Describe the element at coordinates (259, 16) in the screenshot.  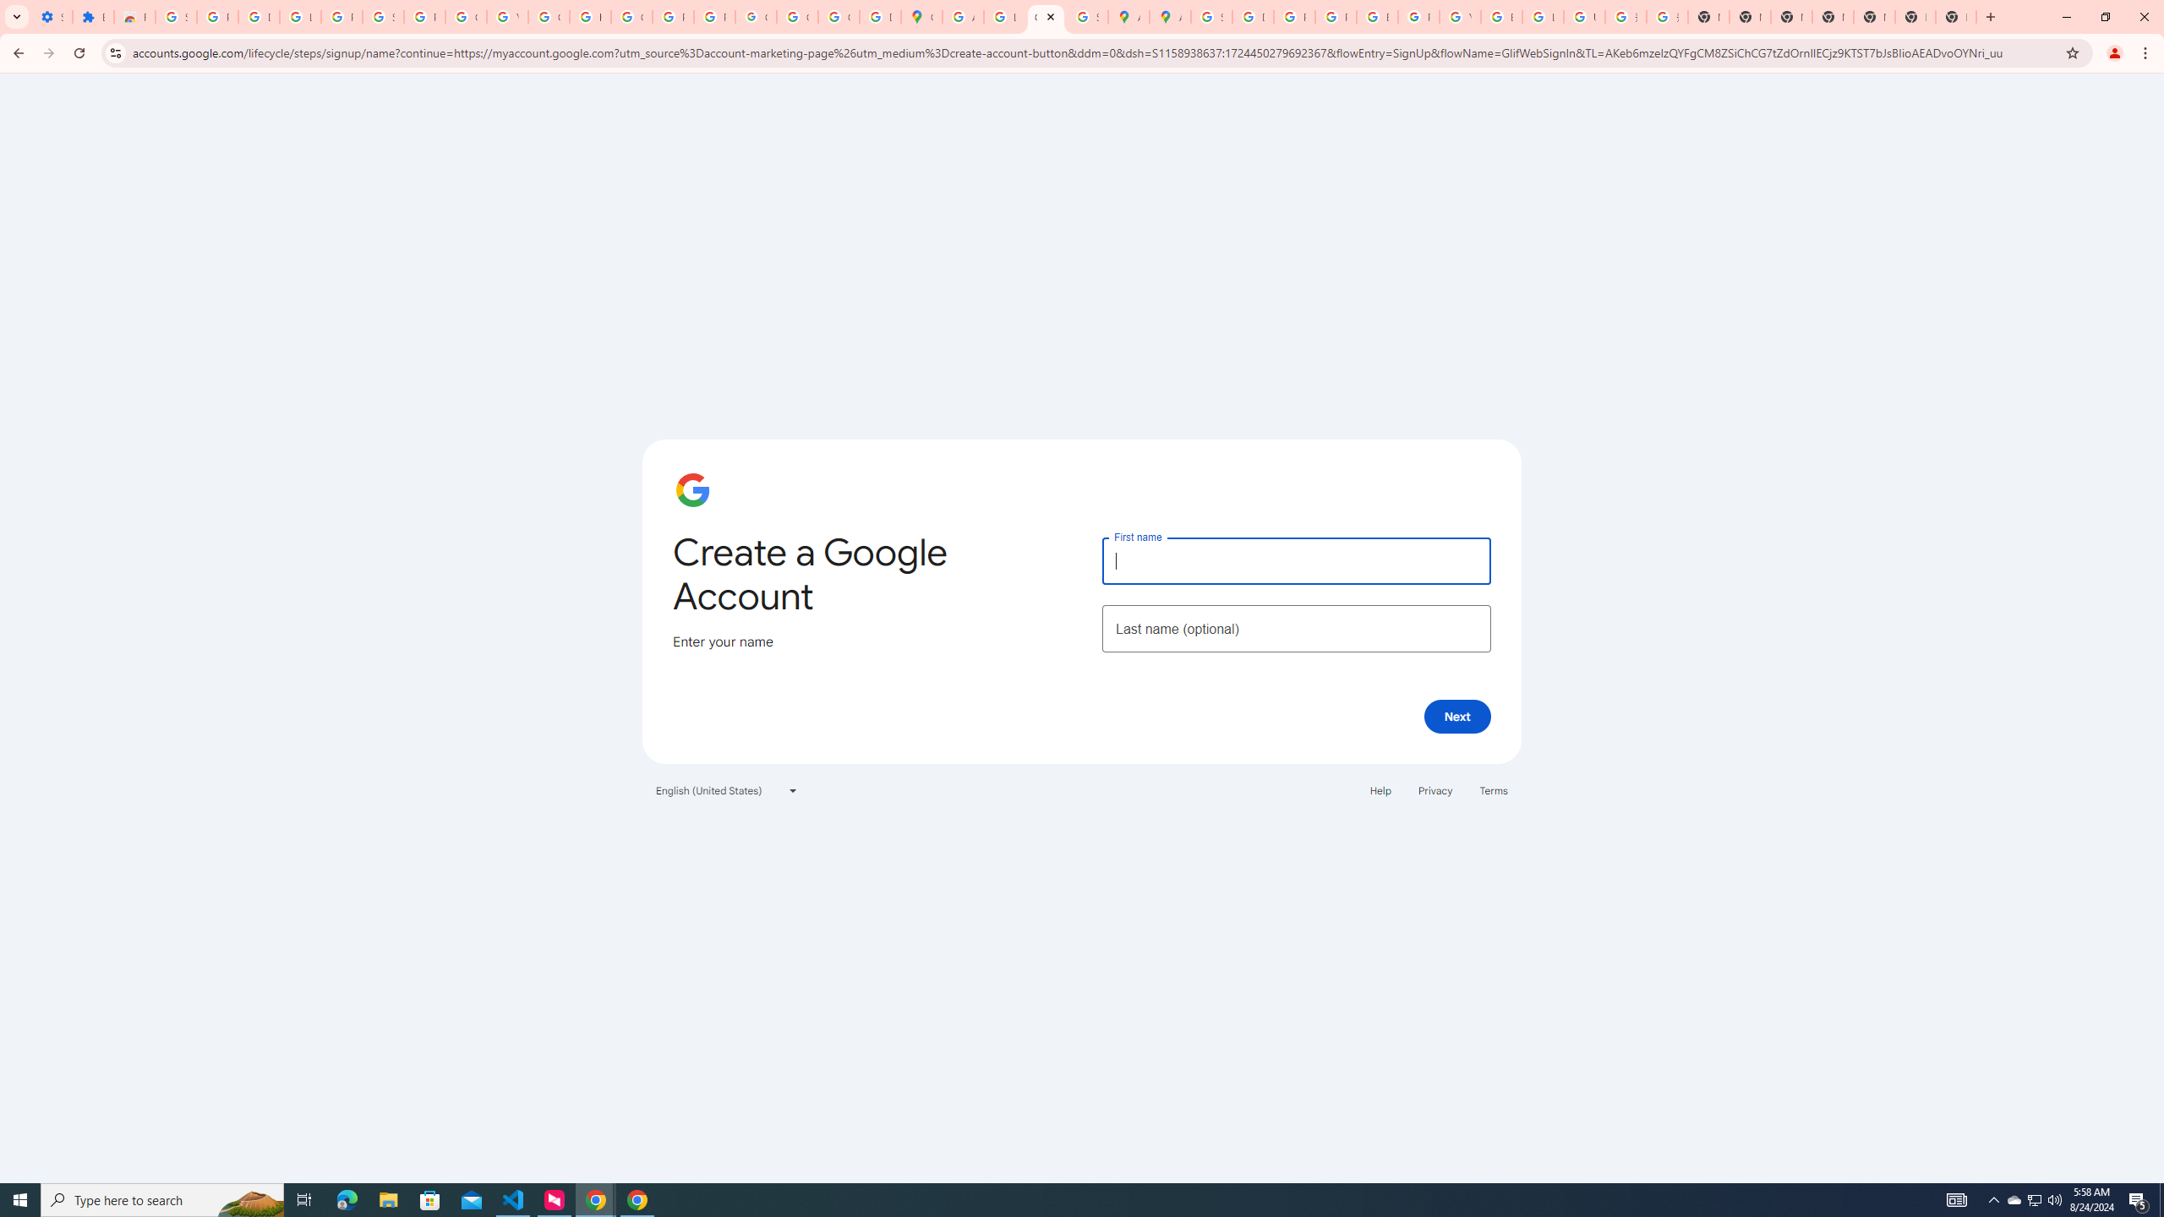
I see `'Delete photos & videos - Computer - Google Photos Help'` at that location.